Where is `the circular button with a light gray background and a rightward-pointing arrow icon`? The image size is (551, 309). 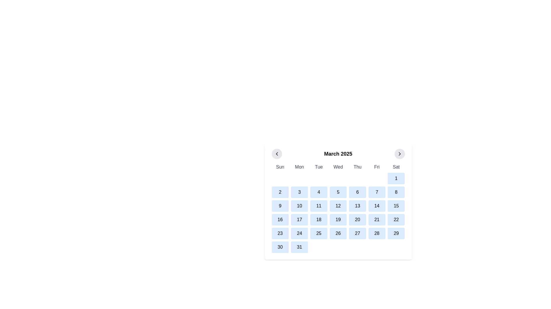
the circular button with a light gray background and a rightward-pointing arrow icon is located at coordinates (399, 153).